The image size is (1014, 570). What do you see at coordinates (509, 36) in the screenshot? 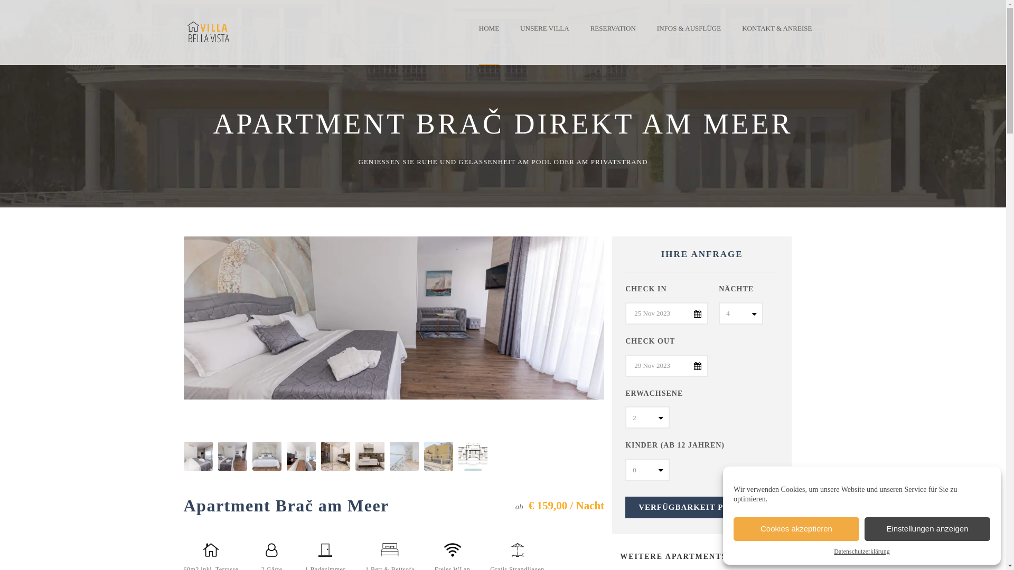
I see `'UNSERE VILLA'` at bounding box center [509, 36].